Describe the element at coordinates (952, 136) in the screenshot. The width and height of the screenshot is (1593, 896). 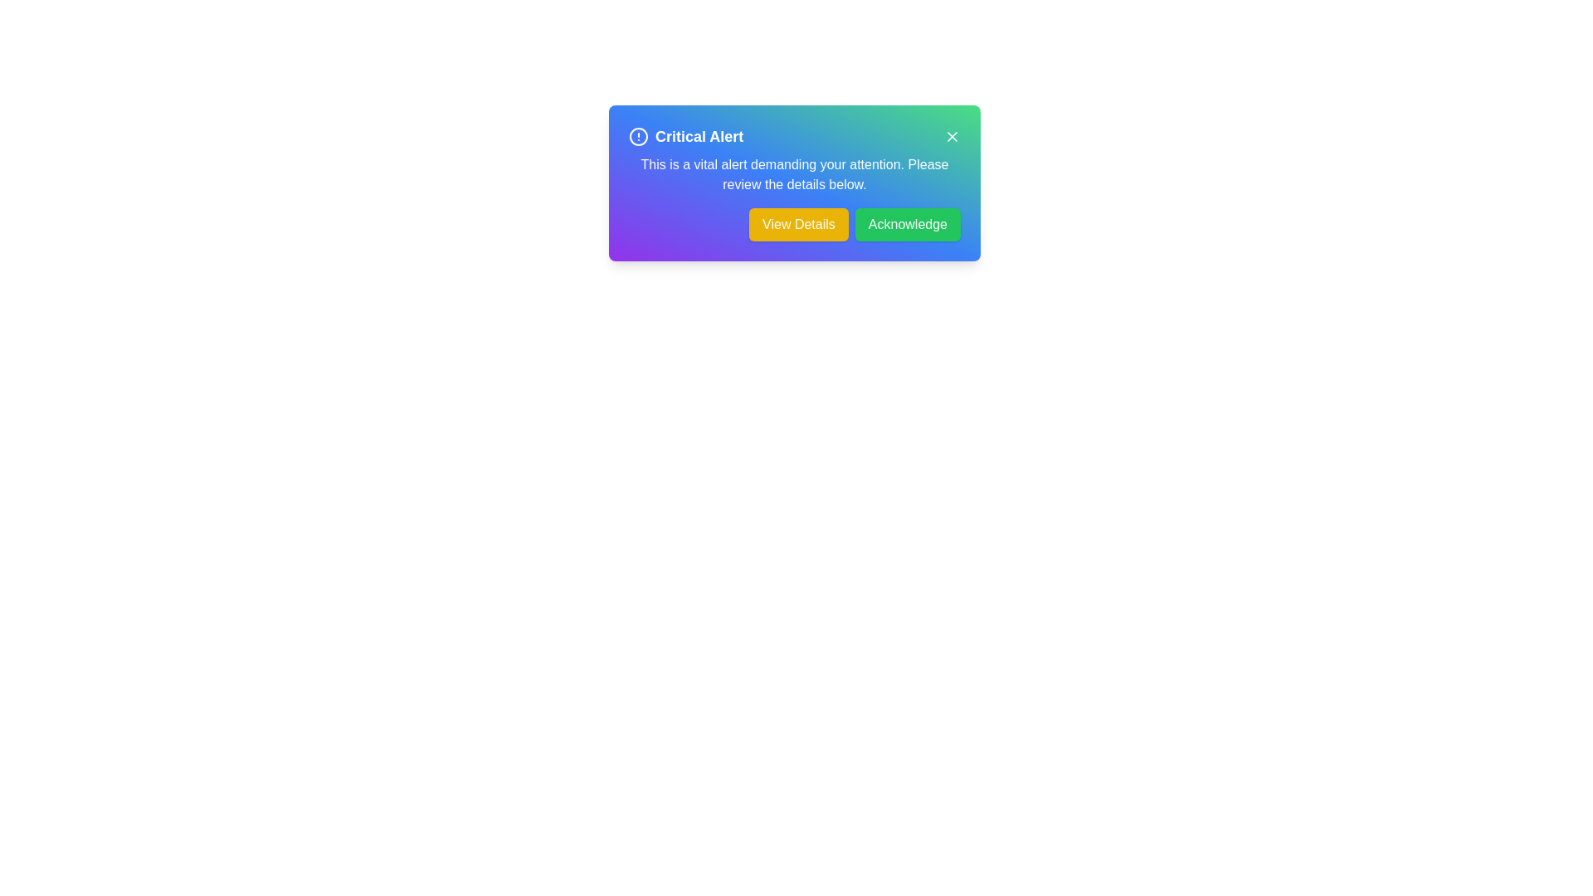
I see `the close button, represented by an 'X' symbol, located in the top-right corner of the multicolor alert dialogue box` at that location.